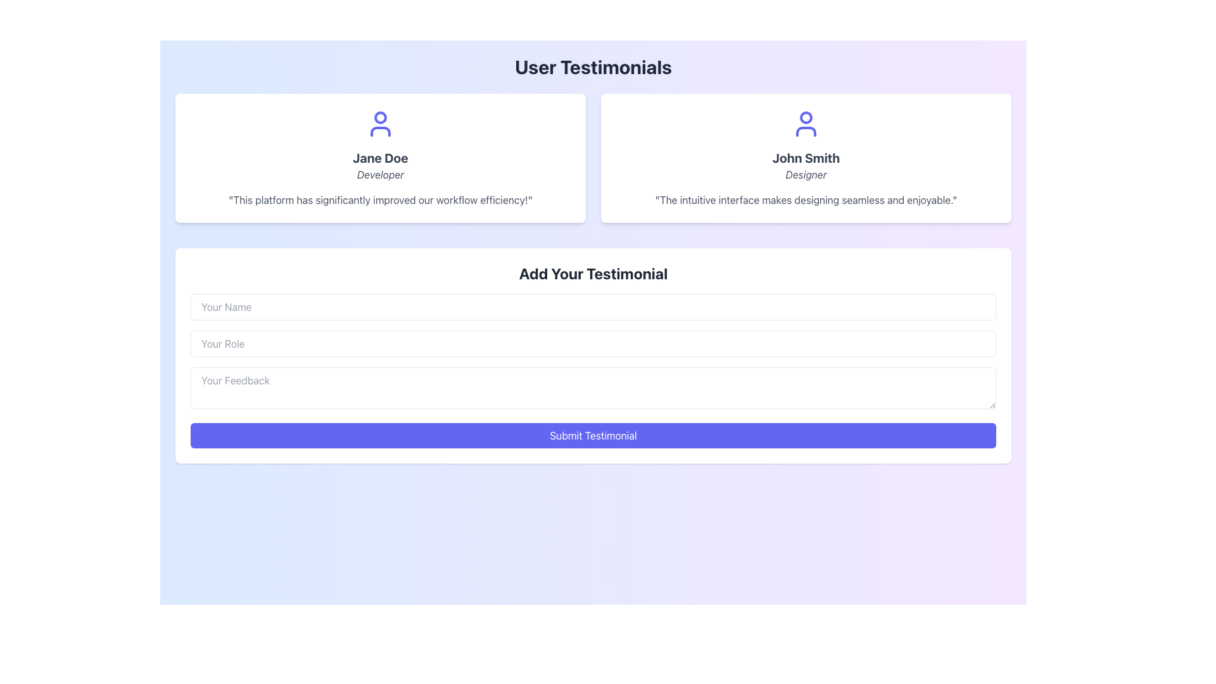  Describe the element at coordinates (379, 124) in the screenshot. I see `the Decorative Icon representing the user providing the testimonial, which is positioned at the top center of the testimonial box featuring Jane Doe's feedback` at that location.